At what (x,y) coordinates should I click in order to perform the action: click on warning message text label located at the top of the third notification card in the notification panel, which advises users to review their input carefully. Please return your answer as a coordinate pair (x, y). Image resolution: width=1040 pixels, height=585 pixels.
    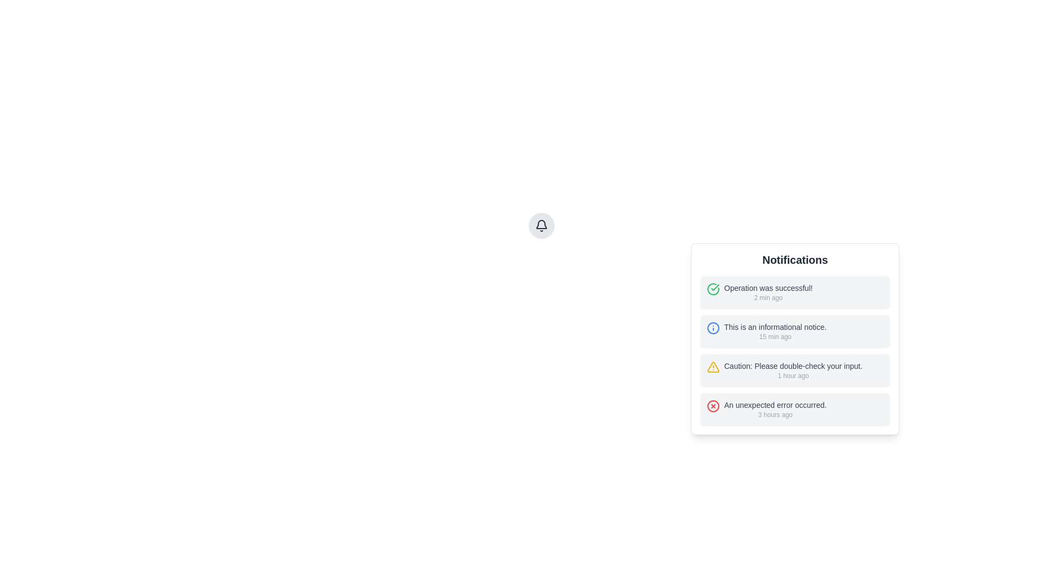
    Looking at the image, I should click on (793, 366).